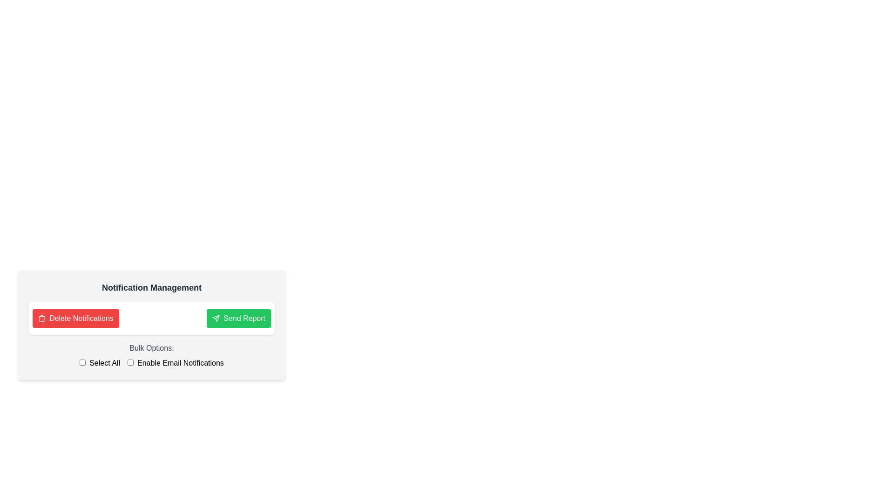 This screenshot has height=503, width=894. Describe the element at coordinates (82, 362) in the screenshot. I see `the leftmost checkbox in the 'Bulk Options:' section under 'Notification Management', which is vertically aligned with 'Select All'` at that location.